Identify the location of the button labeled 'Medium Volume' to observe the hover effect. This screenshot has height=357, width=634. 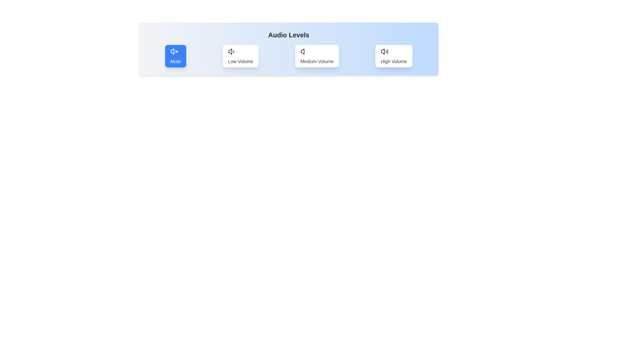
(317, 56).